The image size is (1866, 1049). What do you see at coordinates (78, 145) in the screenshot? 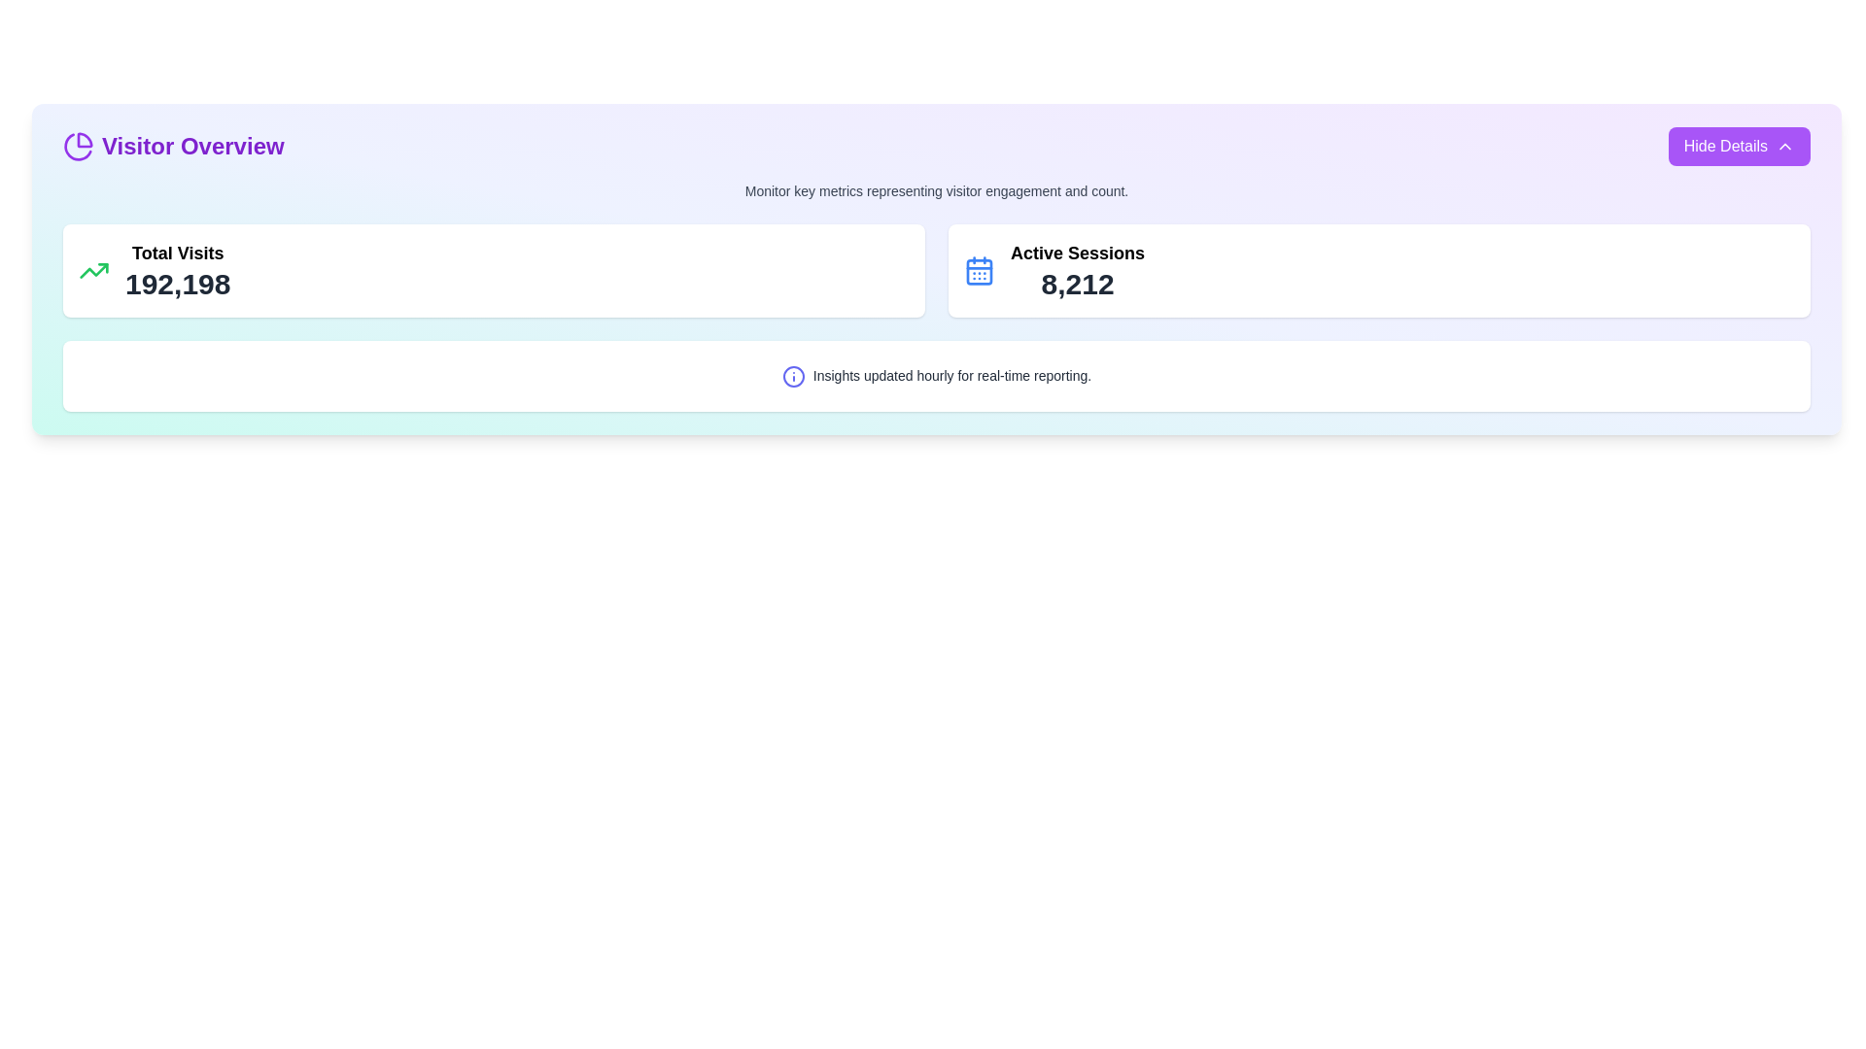
I see `the vivid purple pie chart icon located to the left of the 'Visitor Overview' heading` at bounding box center [78, 145].